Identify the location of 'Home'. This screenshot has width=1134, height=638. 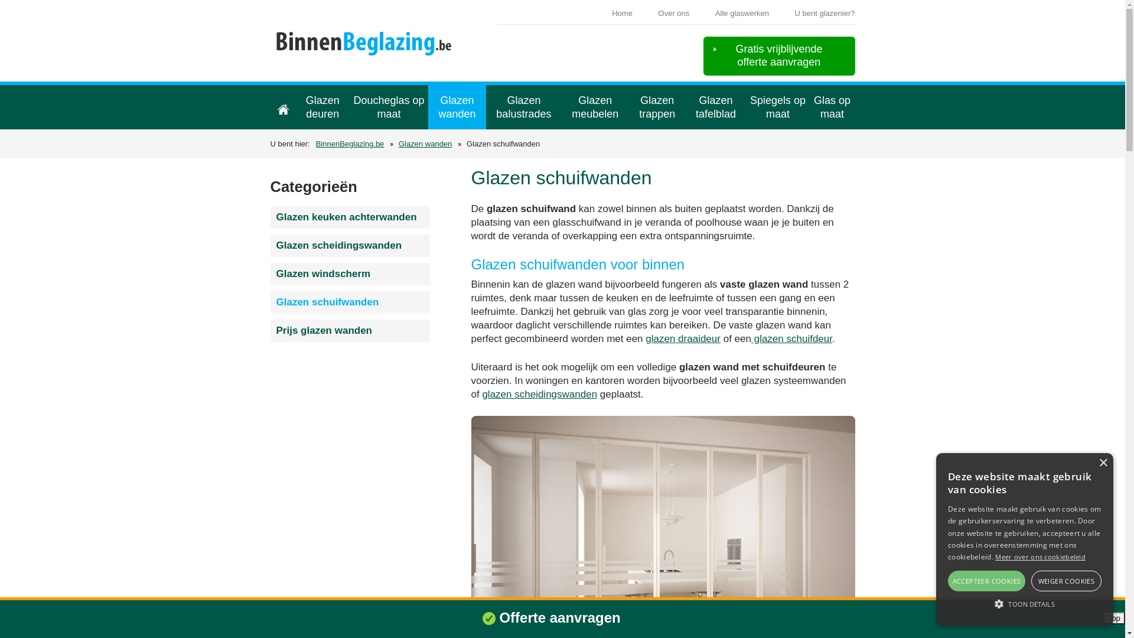
(621, 13).